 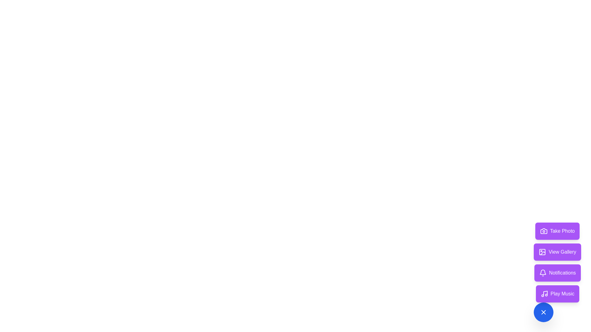 I want to click on the close or dismiss button located at the bottom-right corner of the interface, so click(x=544, y=312).